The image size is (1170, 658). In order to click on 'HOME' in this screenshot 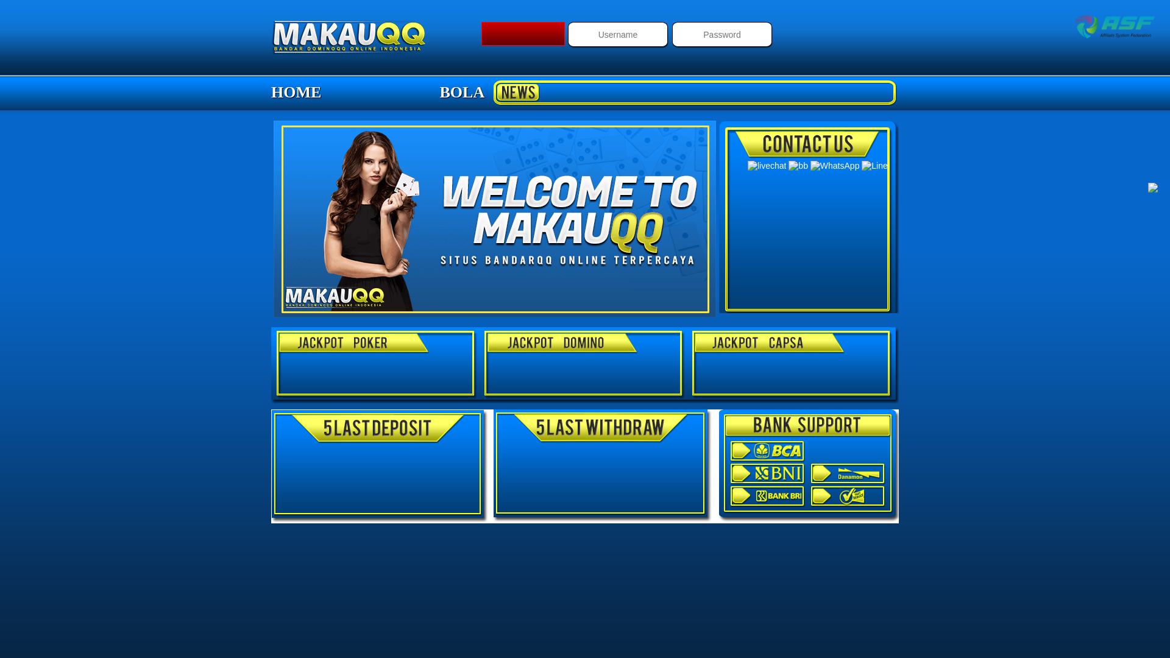, I will do `click(296, 91)`.